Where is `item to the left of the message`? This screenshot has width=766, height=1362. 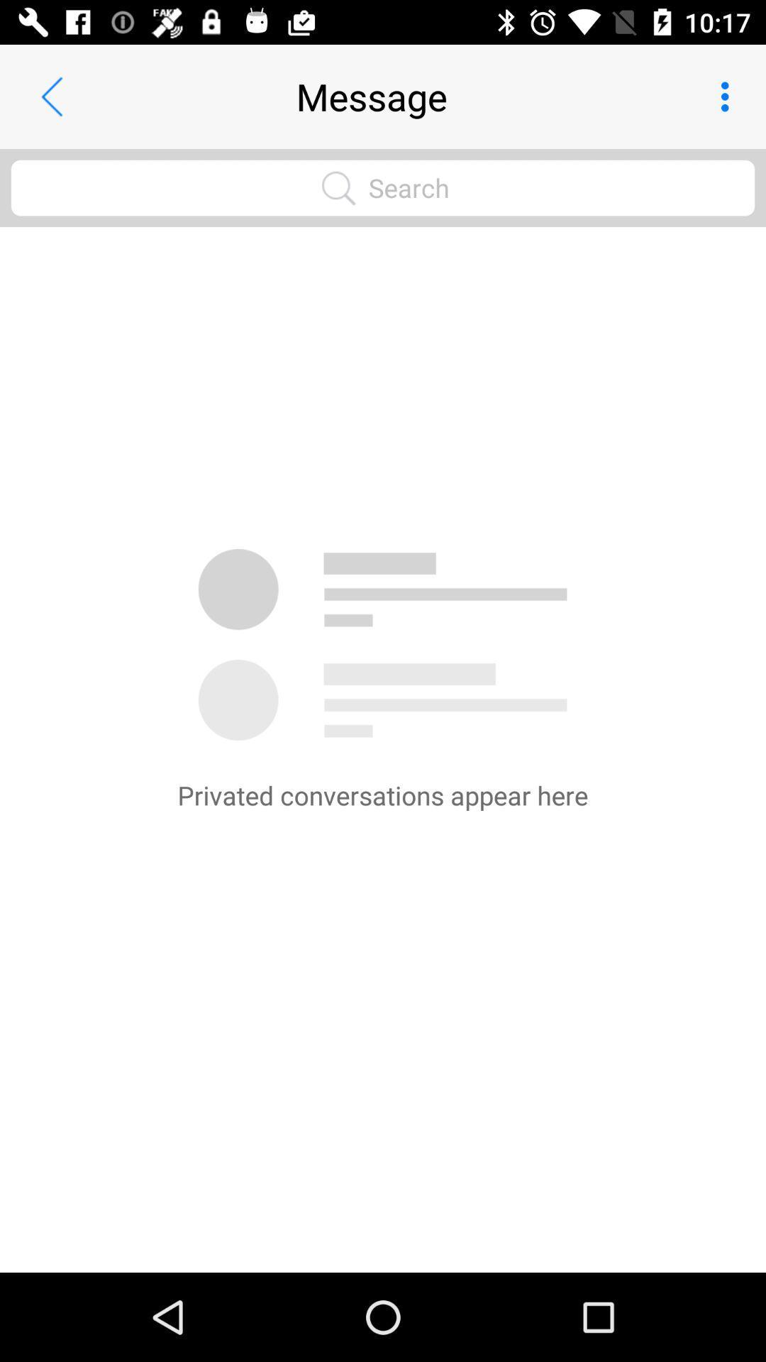
item to the left of the message is located at coordinates (51, 96).